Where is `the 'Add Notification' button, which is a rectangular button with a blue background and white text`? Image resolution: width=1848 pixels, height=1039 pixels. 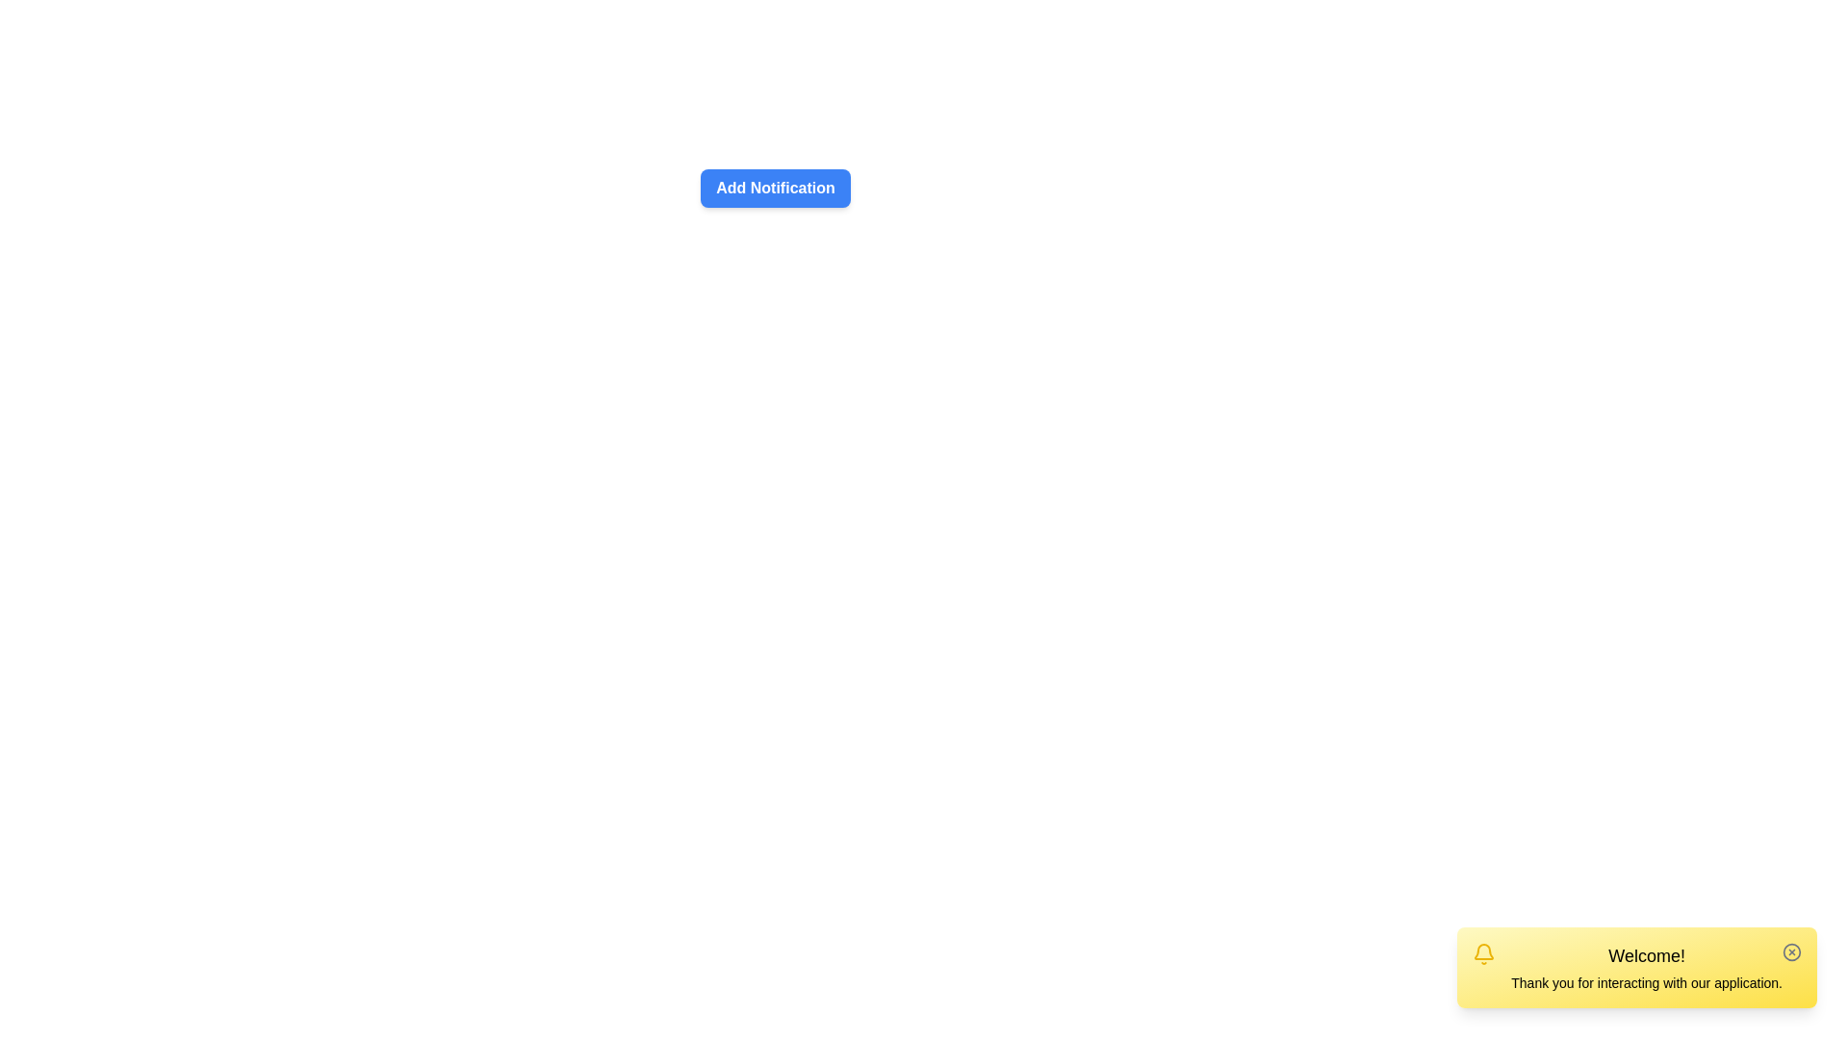 the 'Add Notification' button, which is a rectangular button with a blue background and white text is located at coordinates (776, 189).